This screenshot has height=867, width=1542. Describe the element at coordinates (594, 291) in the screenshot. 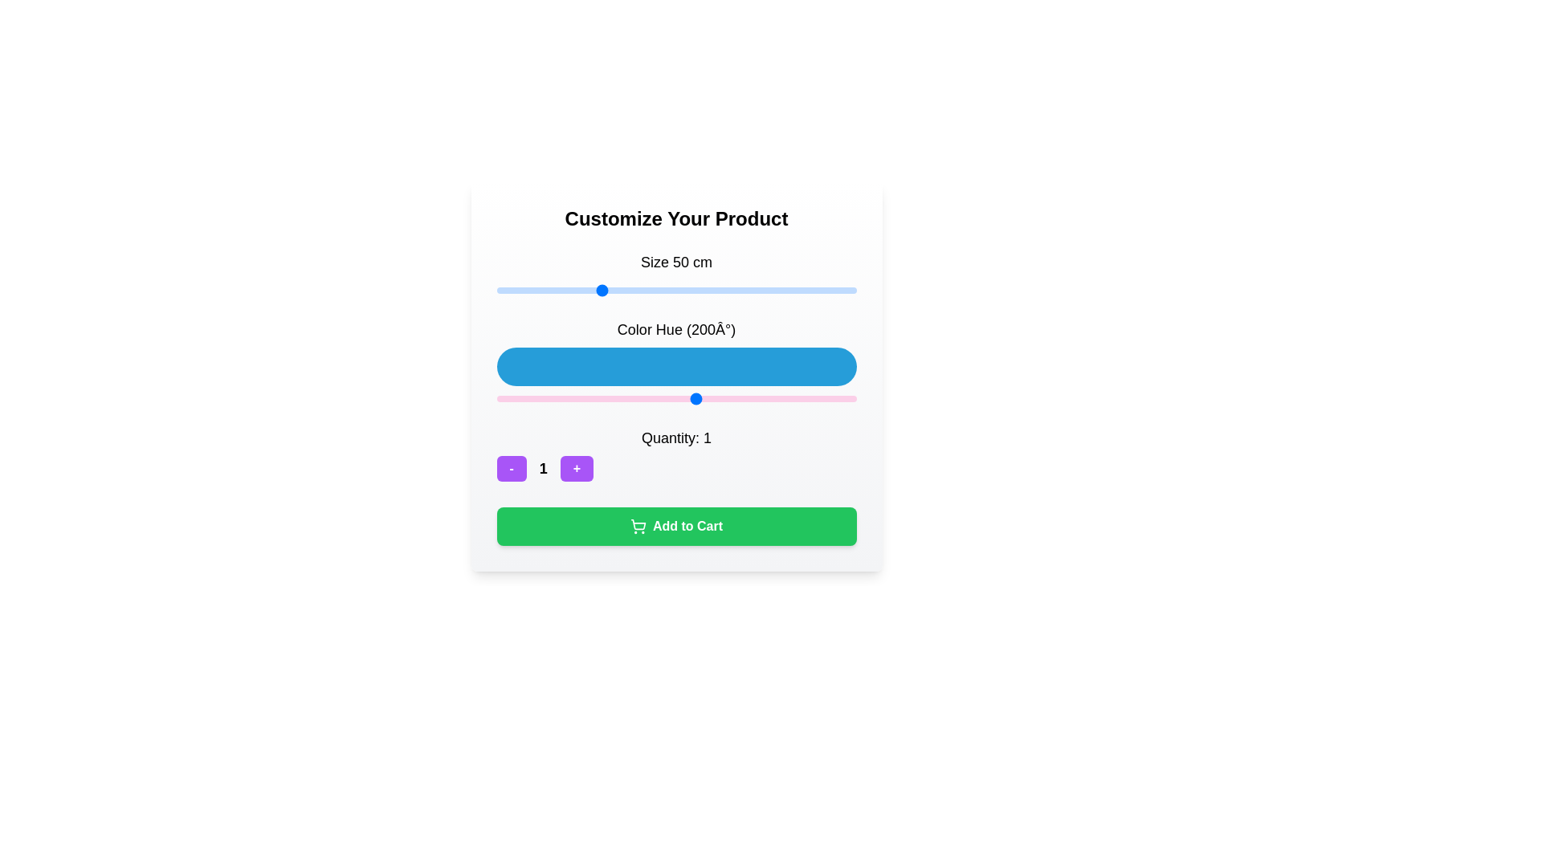

I see `the size` at that location.